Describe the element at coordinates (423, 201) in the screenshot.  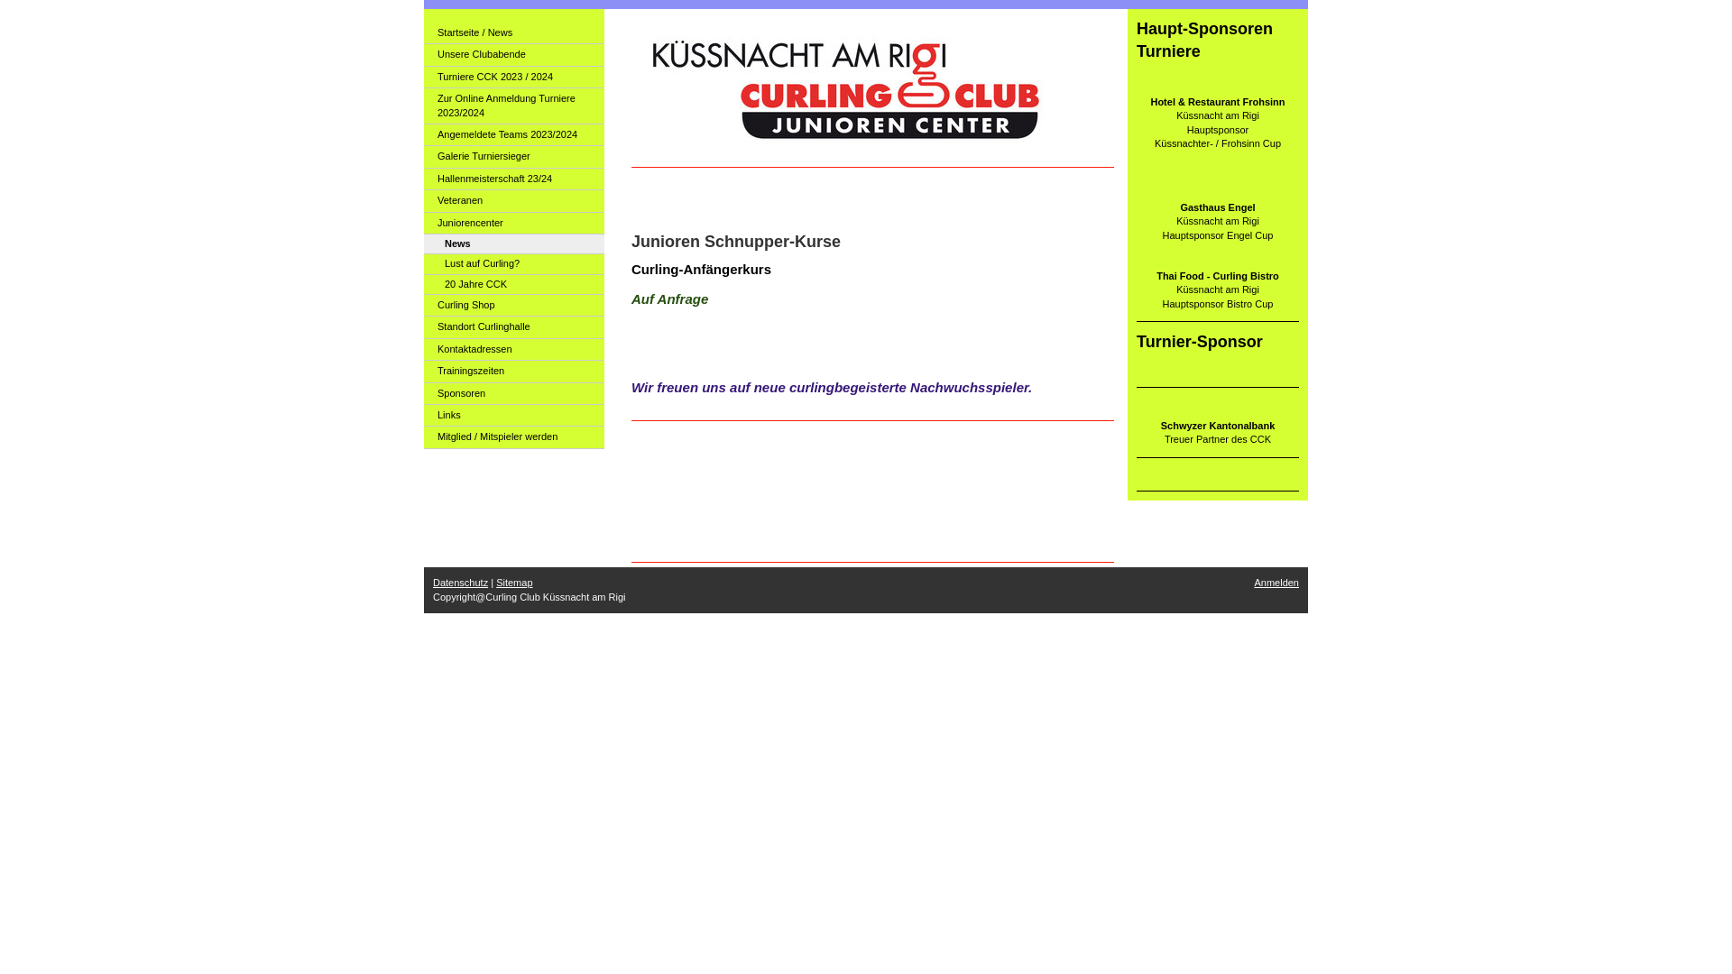
I see `'Veteranen'` at that location.